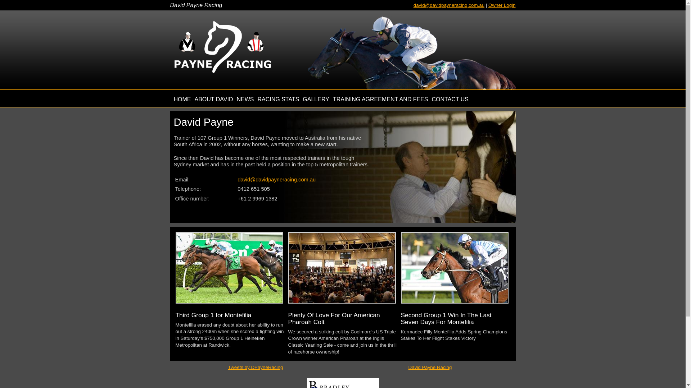 The width and height of the screenshot is (691, 388). I want to click on 'RACING STATS', so click(277, 99).